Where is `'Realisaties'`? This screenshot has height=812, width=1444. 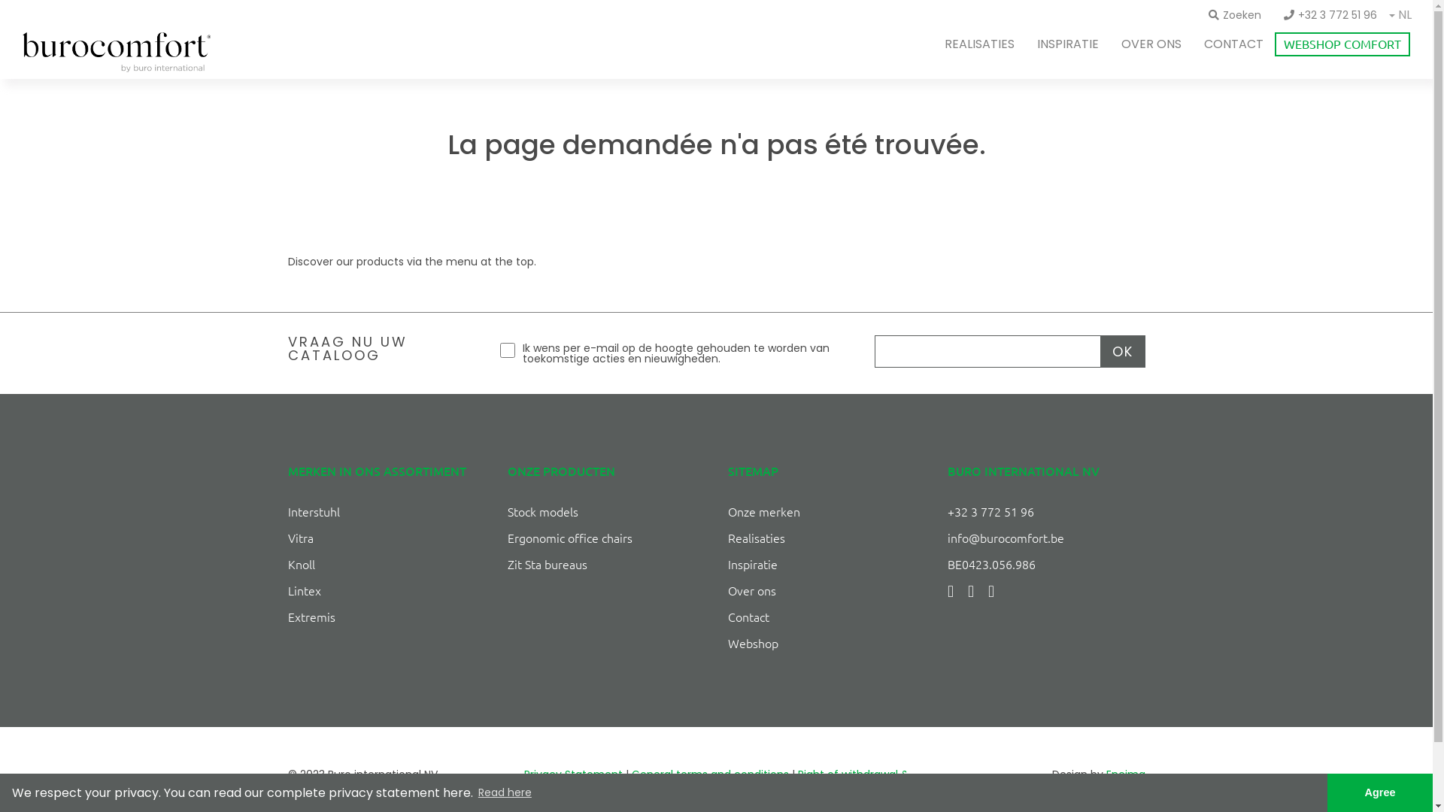
'Realisaties' is located at coordinates (757, 536).